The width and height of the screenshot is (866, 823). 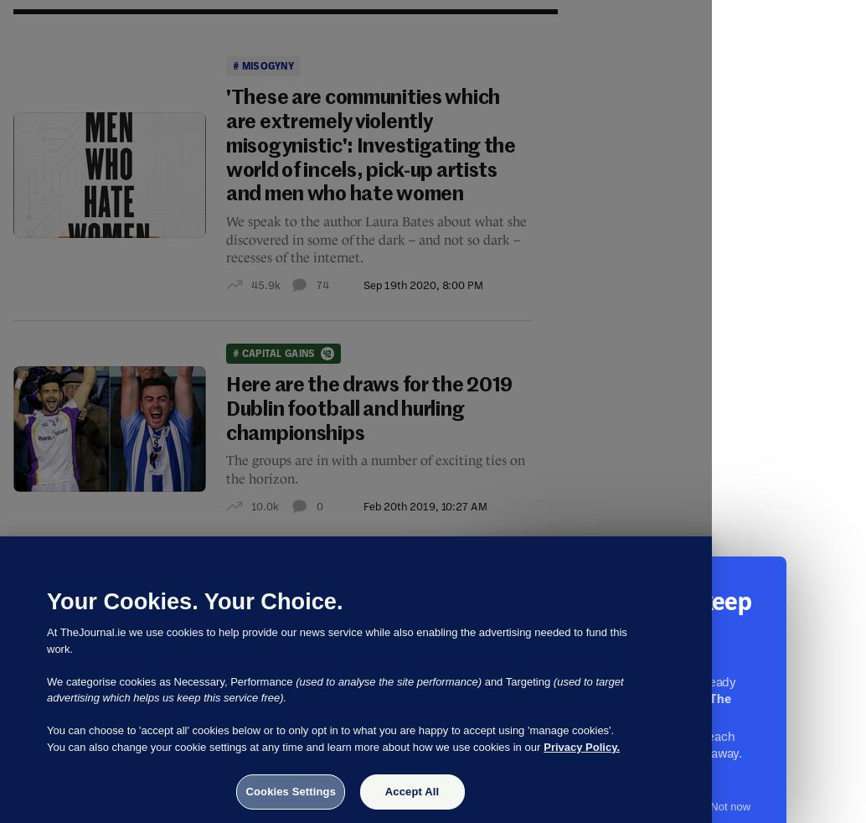 I want to click on 'Not now', so click(x=709, y=806).